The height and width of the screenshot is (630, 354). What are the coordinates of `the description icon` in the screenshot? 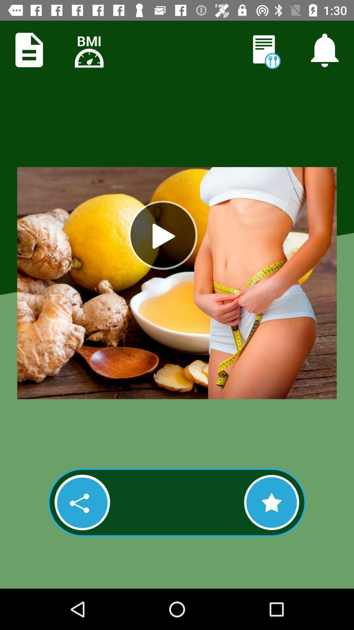 It's located at (29, 50).